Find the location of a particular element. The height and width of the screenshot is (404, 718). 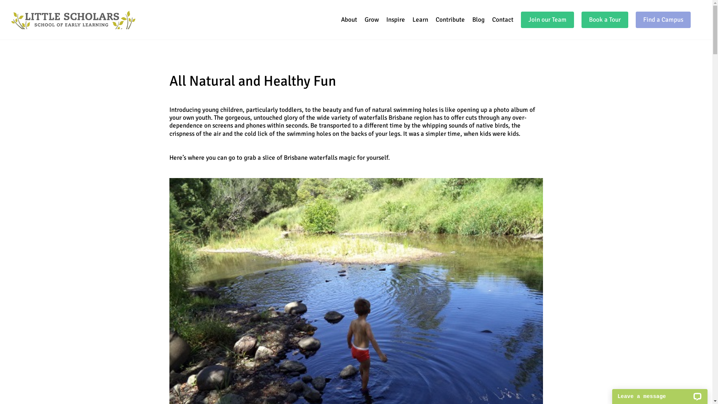

'Grow' is located at coordinates (364, 19).